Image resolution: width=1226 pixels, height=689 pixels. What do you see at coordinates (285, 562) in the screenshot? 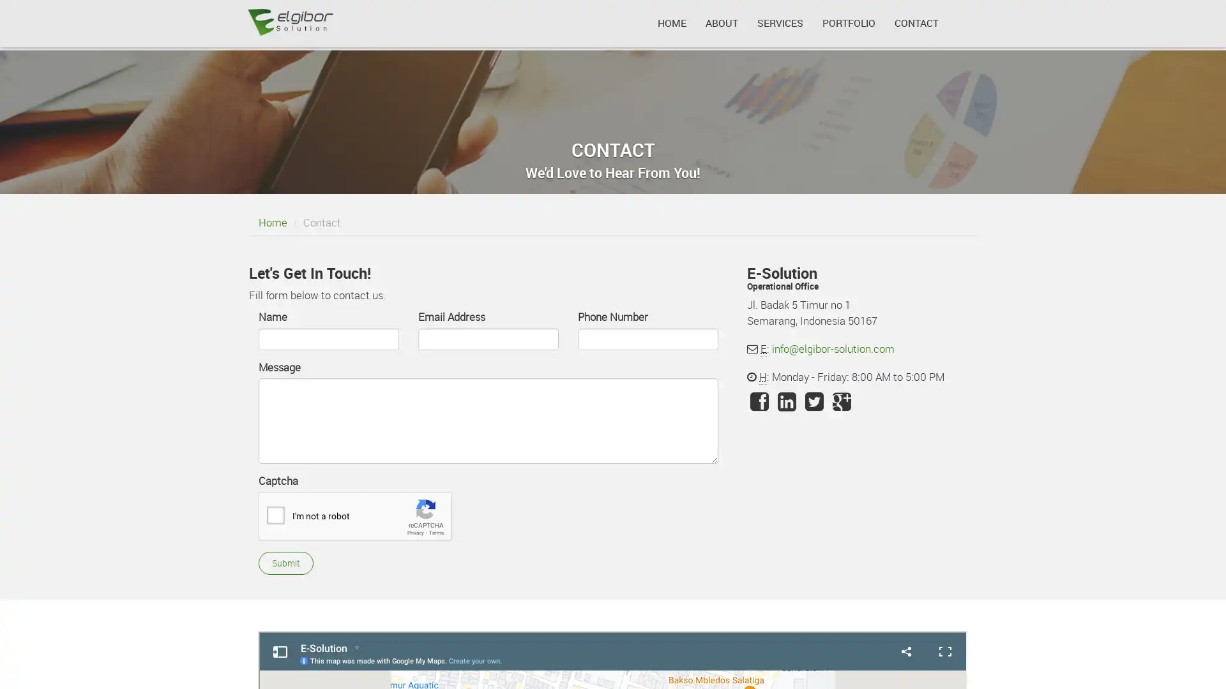
I see `Submit` at bounding box center [285, 562].